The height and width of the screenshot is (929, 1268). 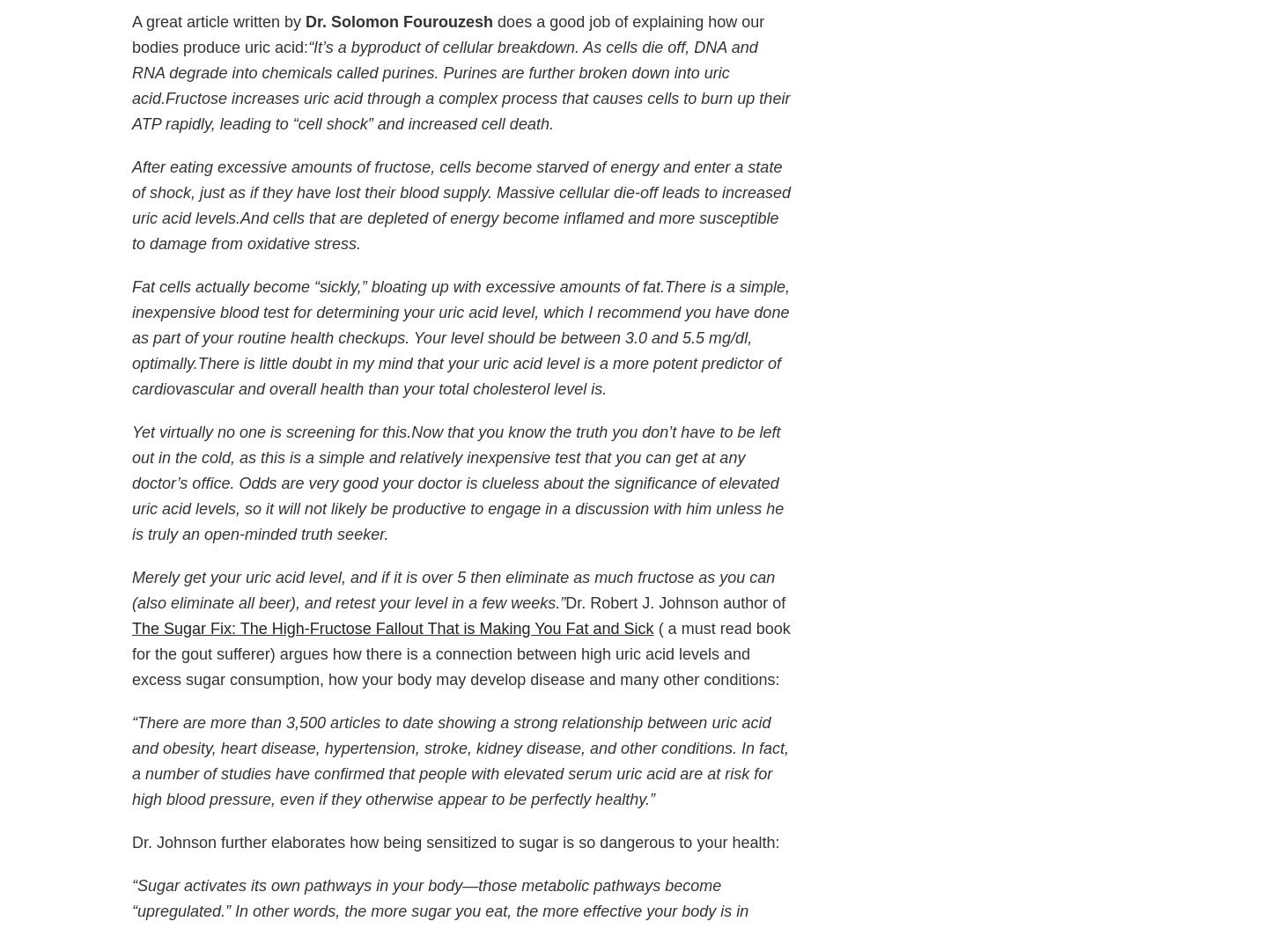 I want to click on 'does a good job of explaining how our bodies produce uric acid:', so click(x=447, y=34).